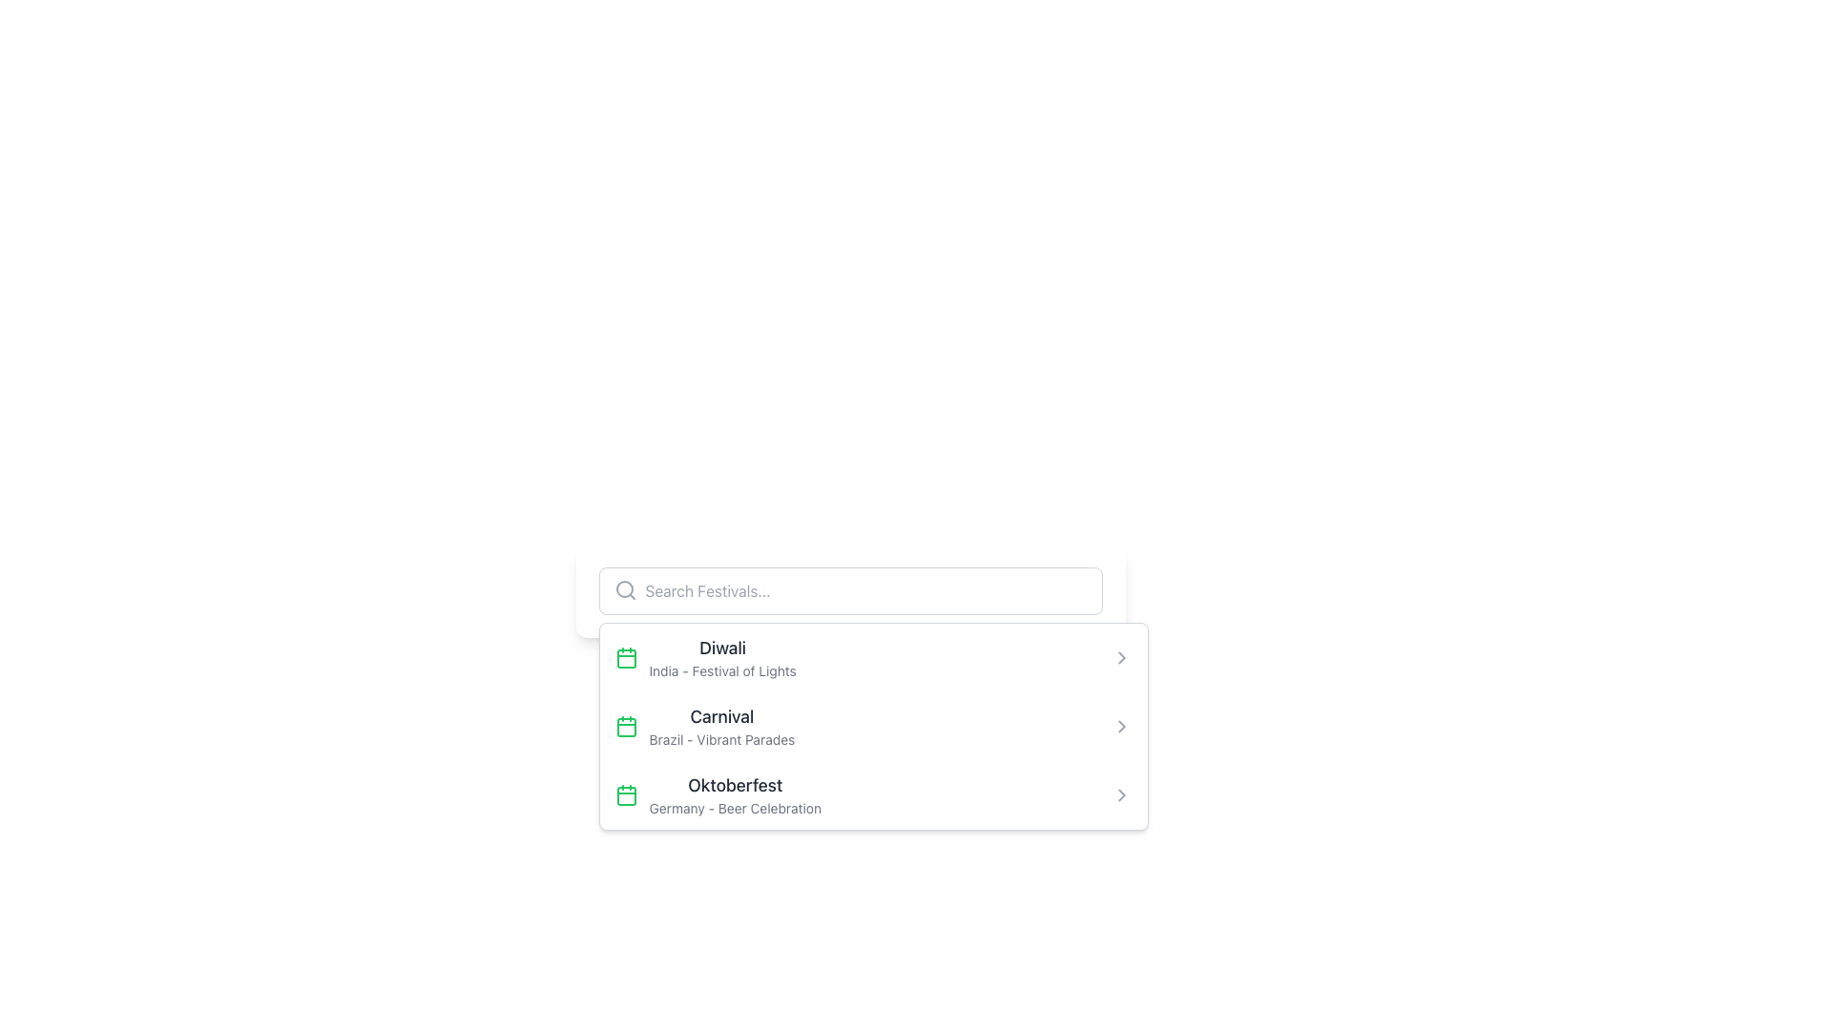 The image size is (1832, 1030). Describe the element at coordinates (626, 795) in the screenshot. I see `the calendar icon component next to the 'Oktoberfest' entry in the list to interact with the surrounding list item` at that location.